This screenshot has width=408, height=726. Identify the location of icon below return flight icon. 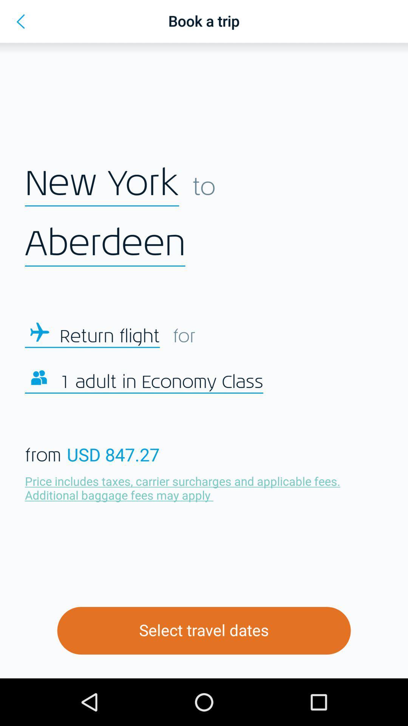
(161, 382).